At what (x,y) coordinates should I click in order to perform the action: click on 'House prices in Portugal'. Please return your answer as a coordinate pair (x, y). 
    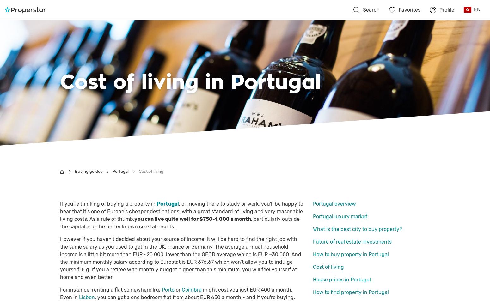
    Looking at the image, I should click on (312, 280).